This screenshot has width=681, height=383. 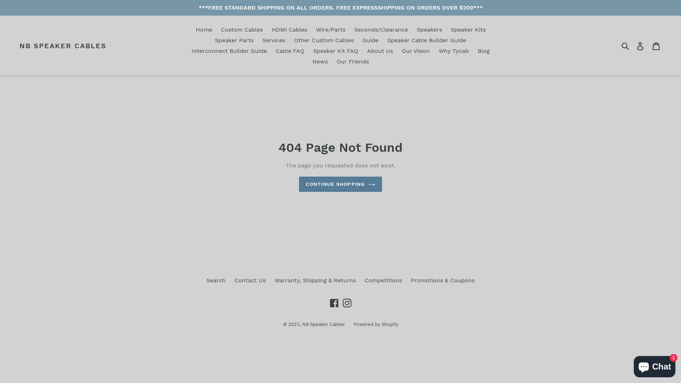 I want to click on 'Cable FAQ', so click(x=271, y=50).